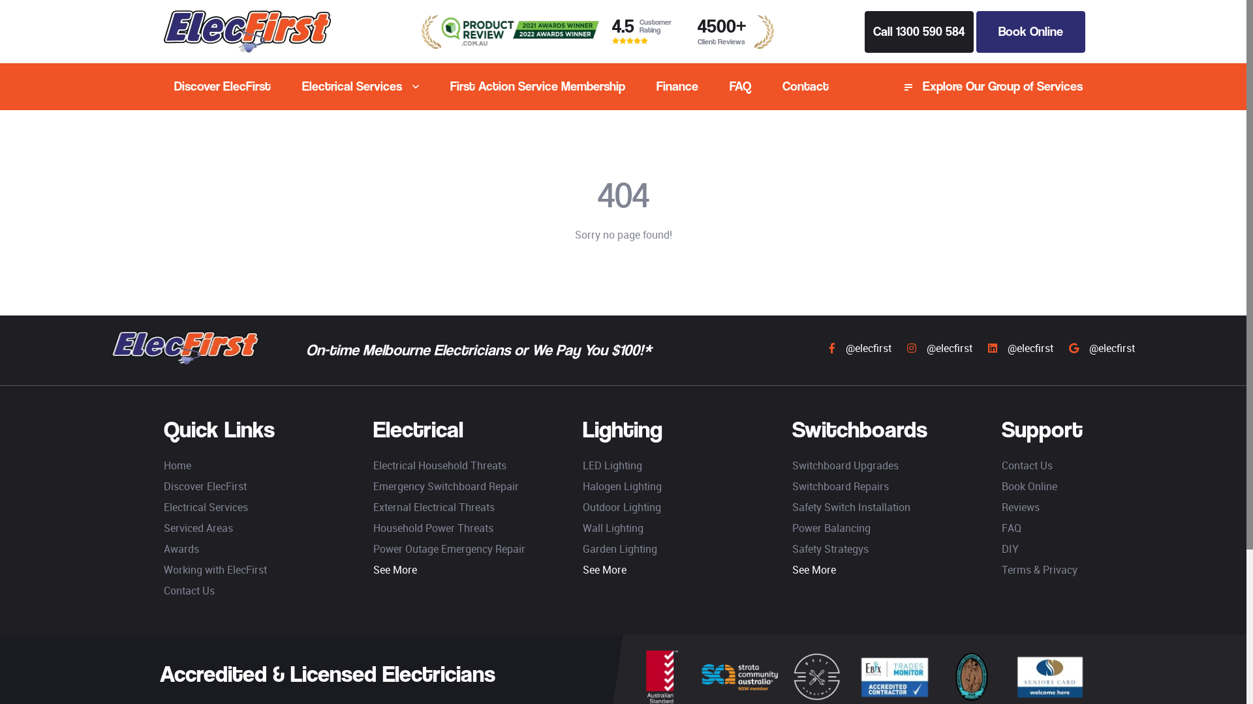  What do you see at coordinates (840, 486) in the screenshot?
I see `'Switchboard Repairs'` at bounding box center [840, 486].